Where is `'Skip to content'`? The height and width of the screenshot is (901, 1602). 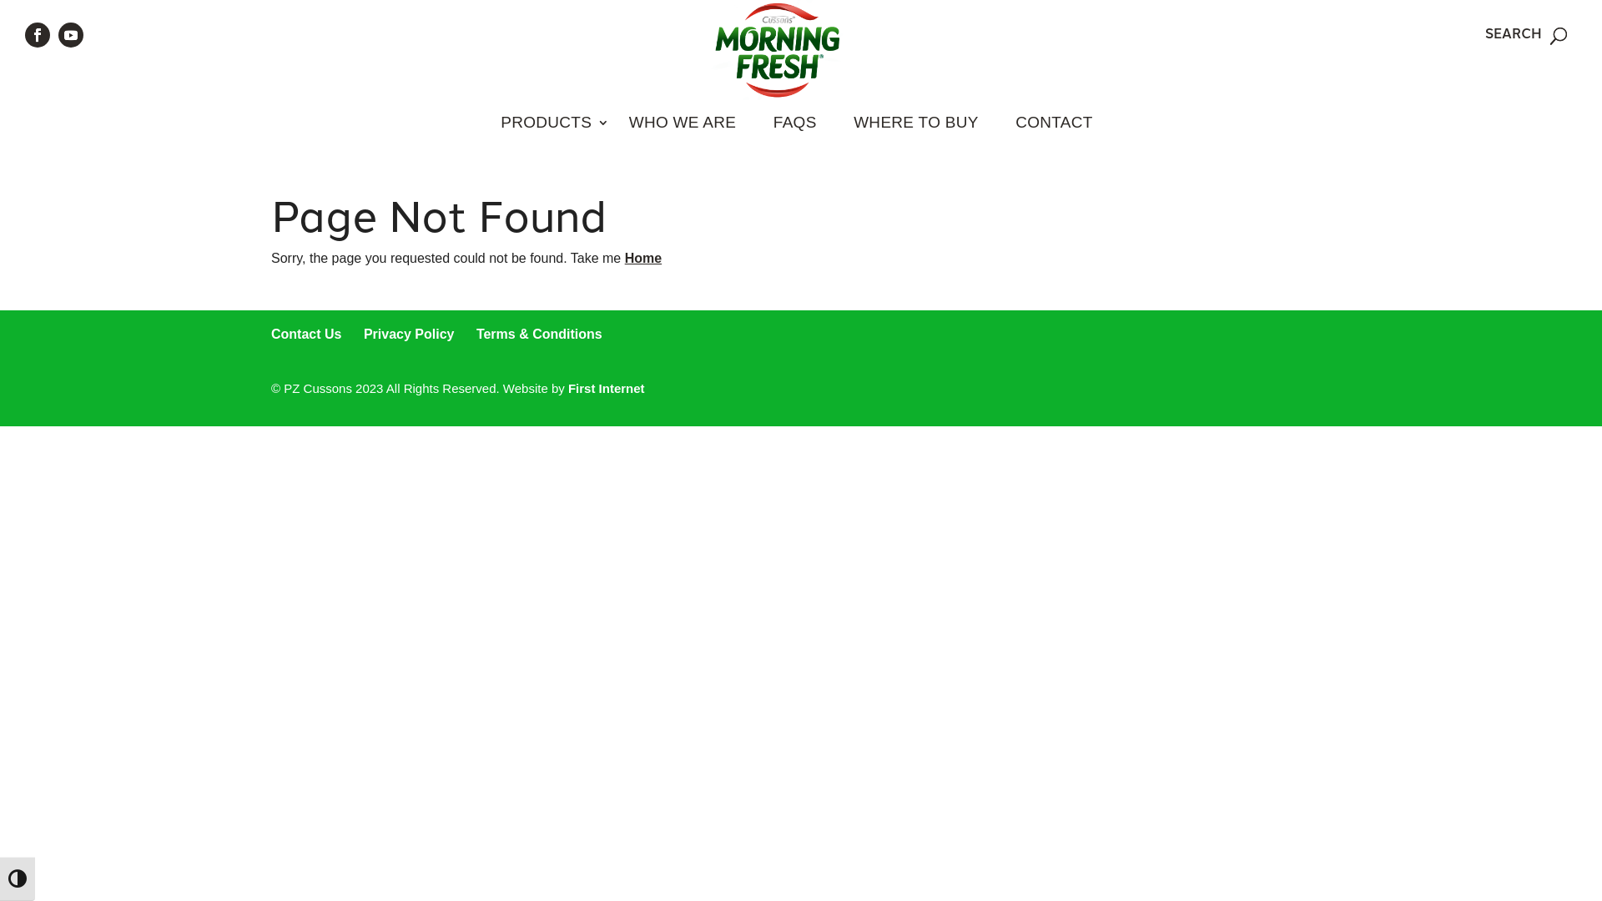 'Skip to content' is located at coordinates (0, 0).